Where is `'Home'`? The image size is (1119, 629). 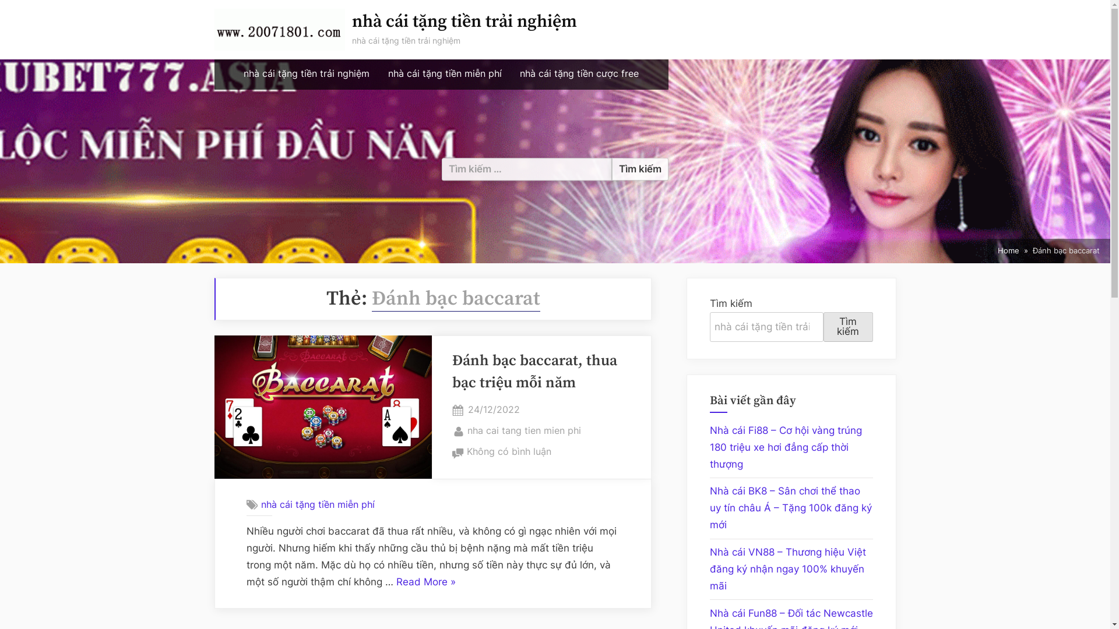 'Home' is located at coordinates (997, 250).